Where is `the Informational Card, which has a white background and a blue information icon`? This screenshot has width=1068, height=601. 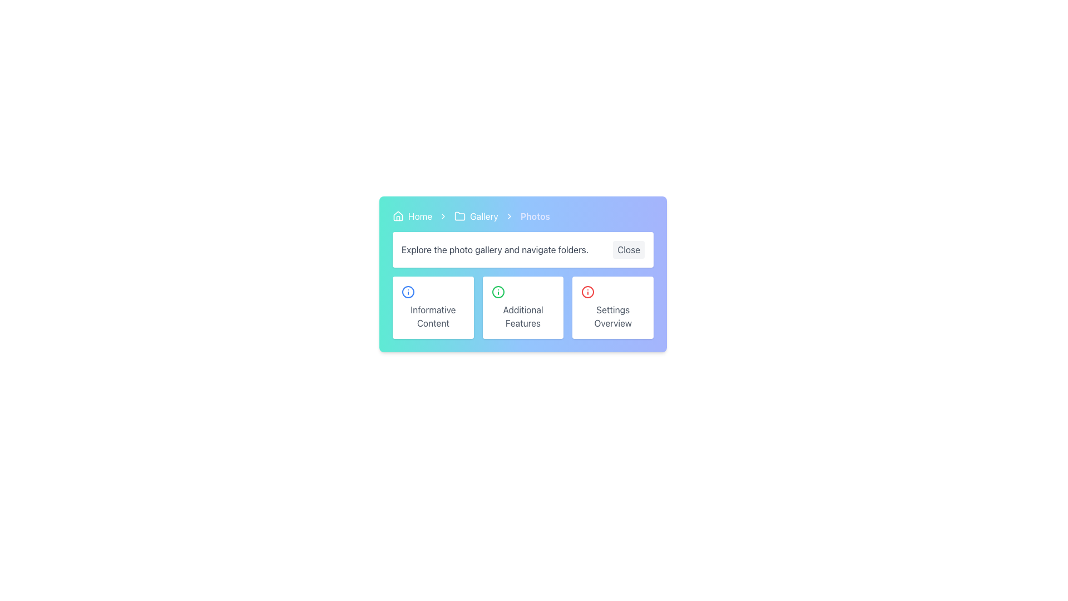
the Informational Card, which has a white background and a blue information icon is located at coordinates (432, 307).